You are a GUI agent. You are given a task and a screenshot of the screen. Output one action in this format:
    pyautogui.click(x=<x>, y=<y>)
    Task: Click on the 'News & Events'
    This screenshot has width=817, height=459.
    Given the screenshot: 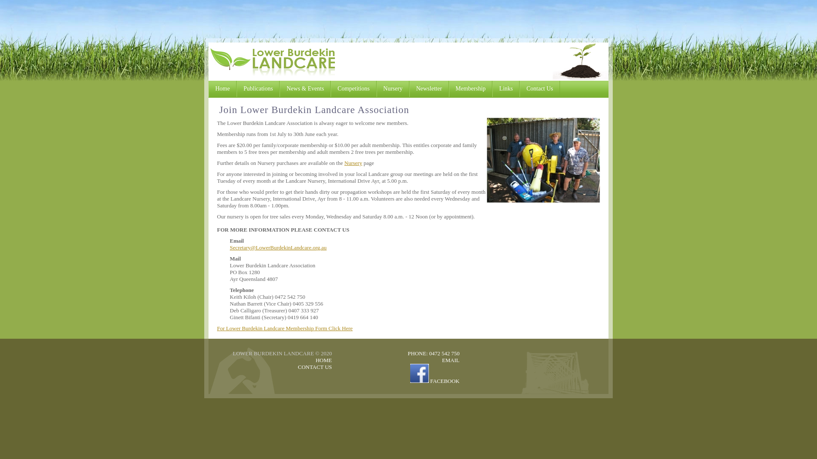 What is the action you would take?
    pyautogui.click(x=305, y=88)
    